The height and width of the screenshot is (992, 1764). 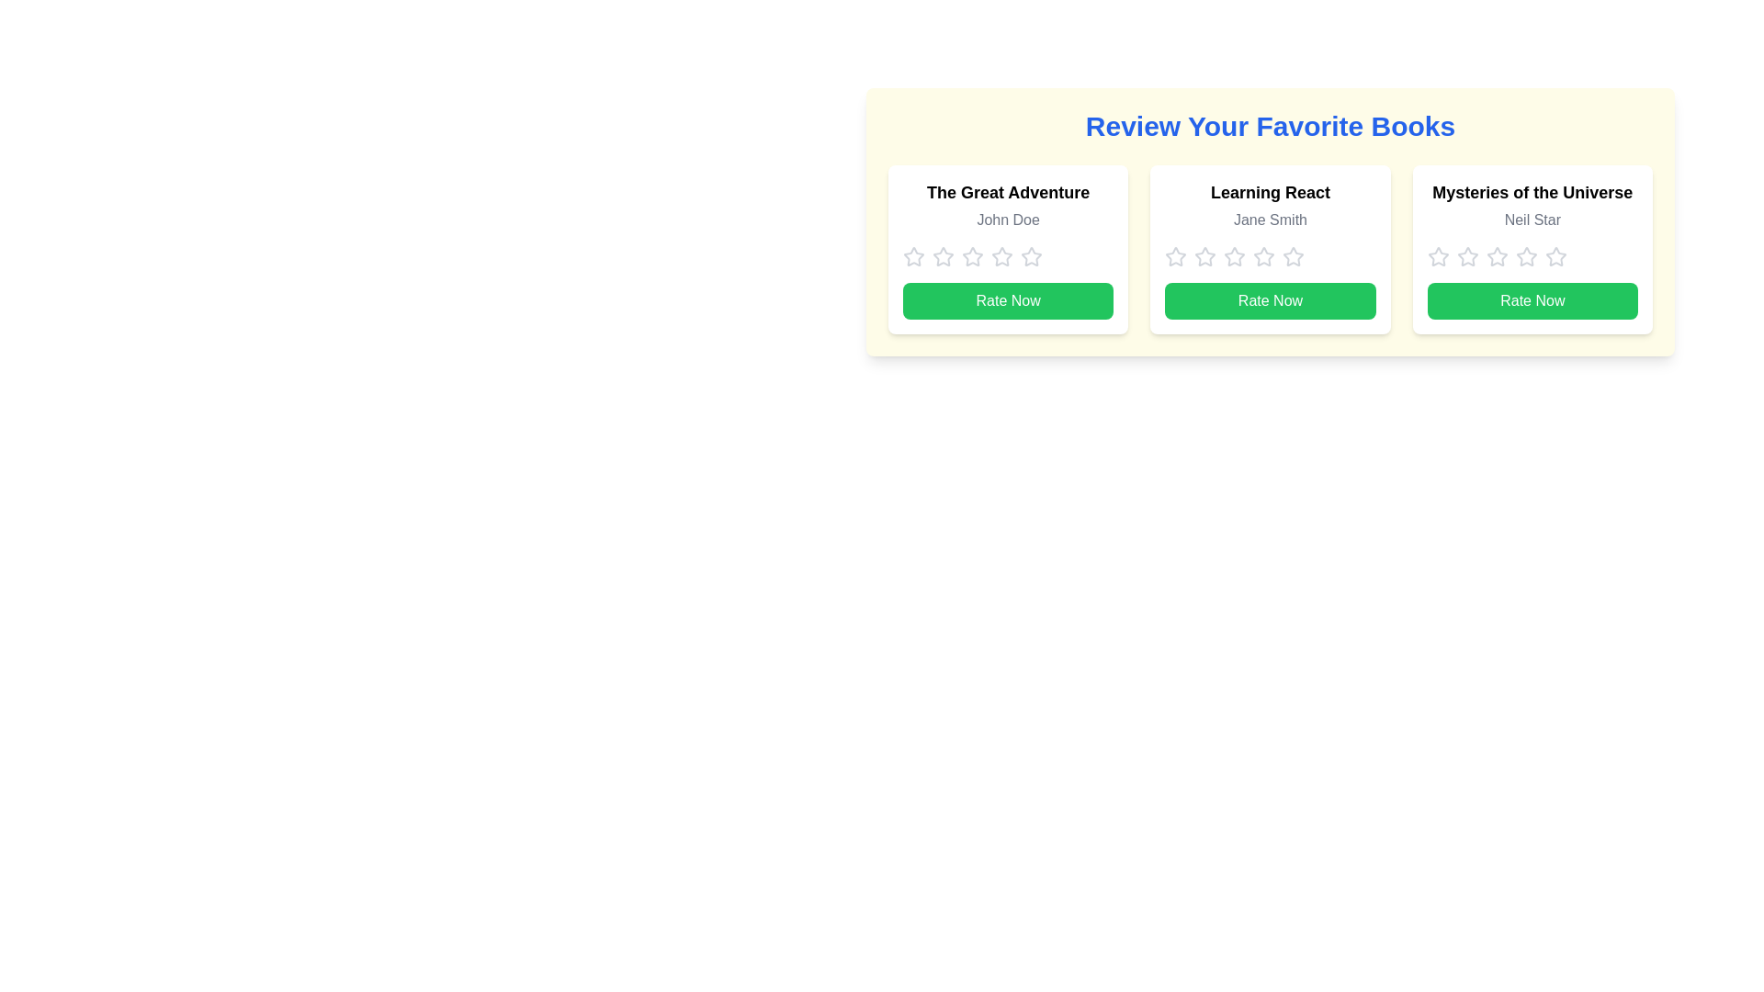 What do you see at coordinates (1526, 257) in the screenshot?
I see `the fifth star icon in the rating component for the book 'Mysteries of the Universe'` at bounding box center [1526, 257].